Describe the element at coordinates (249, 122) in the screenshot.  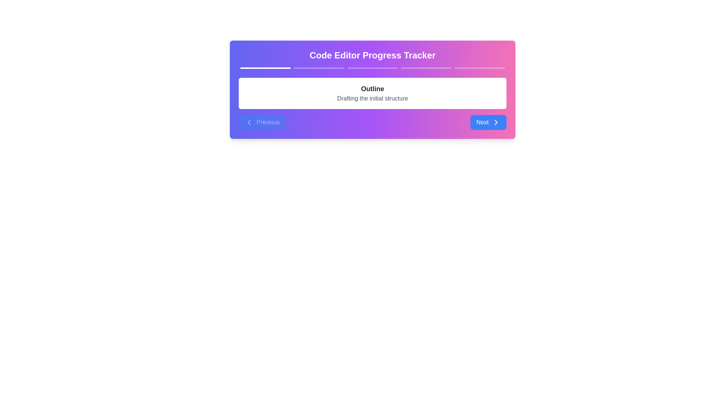
I see `the 'Previous' button by clicking on the leftward-pointing chevron icon to trigger navigation` at that location.